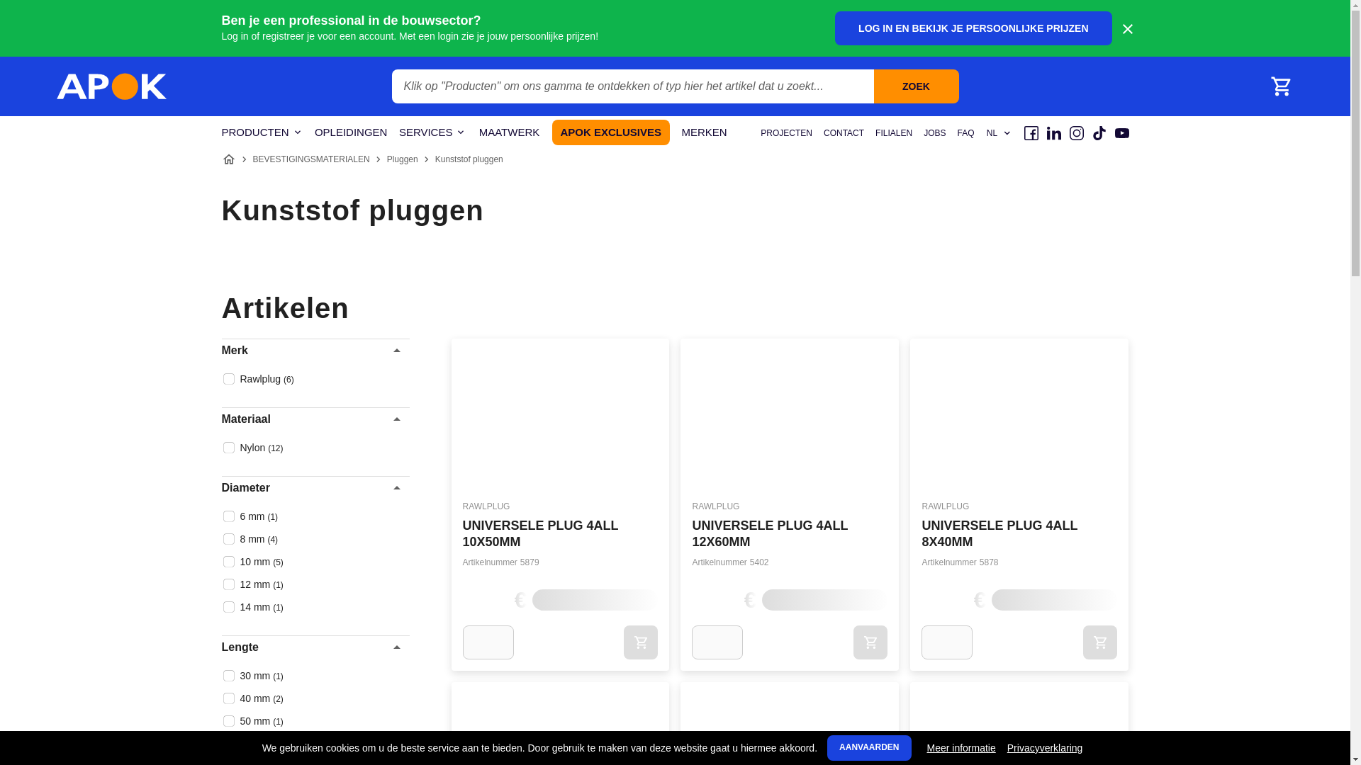 The width and height of the screenshot is (1361, 765). What do you see at coordinates (398, 132) in the screenshot?
I see `'SERVICES'` at bounding box center [398, 132].